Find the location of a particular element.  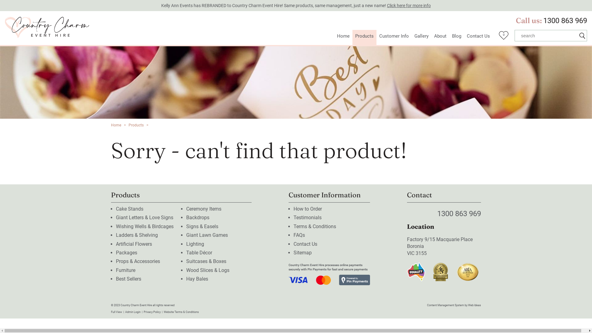

'Products' is located at coordinates (136, 125).